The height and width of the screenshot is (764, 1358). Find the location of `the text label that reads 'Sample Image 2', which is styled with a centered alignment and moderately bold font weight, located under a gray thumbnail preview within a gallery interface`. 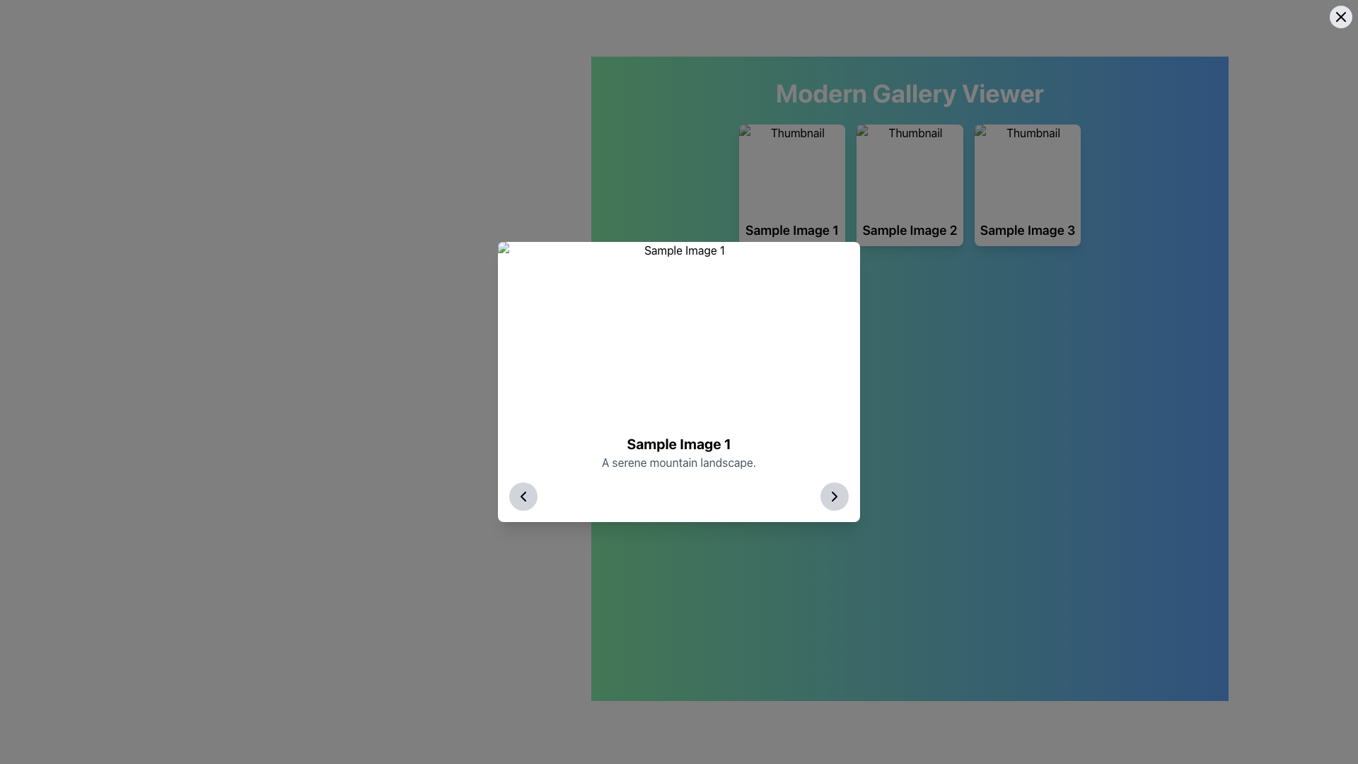

the text label that reads 'Sample Image 2', which is styled with a centered alignment and moderately bold font weight, located under a gray thumbnail preview within a gallery interface is located at coordinates (910, 230).